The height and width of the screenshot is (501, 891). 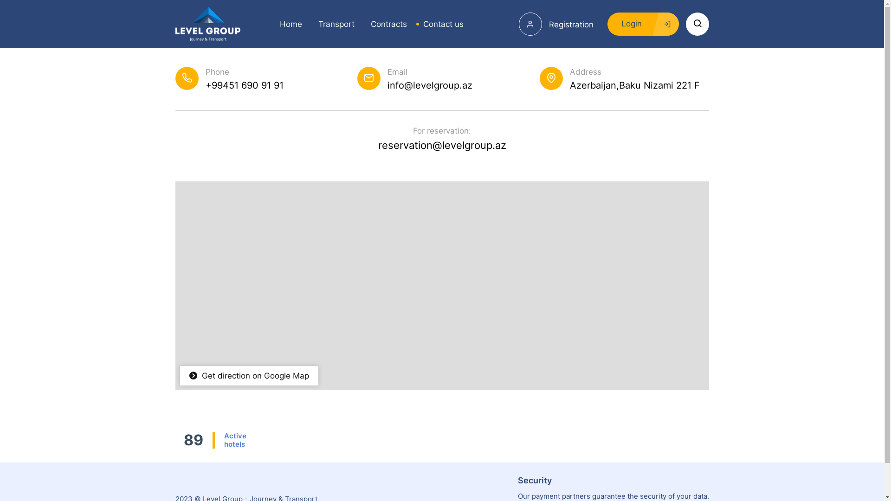 What do you see at coordinates (385, 23) in the screenshot?
I see `'Contracts'` at bounding box center [385, 23].